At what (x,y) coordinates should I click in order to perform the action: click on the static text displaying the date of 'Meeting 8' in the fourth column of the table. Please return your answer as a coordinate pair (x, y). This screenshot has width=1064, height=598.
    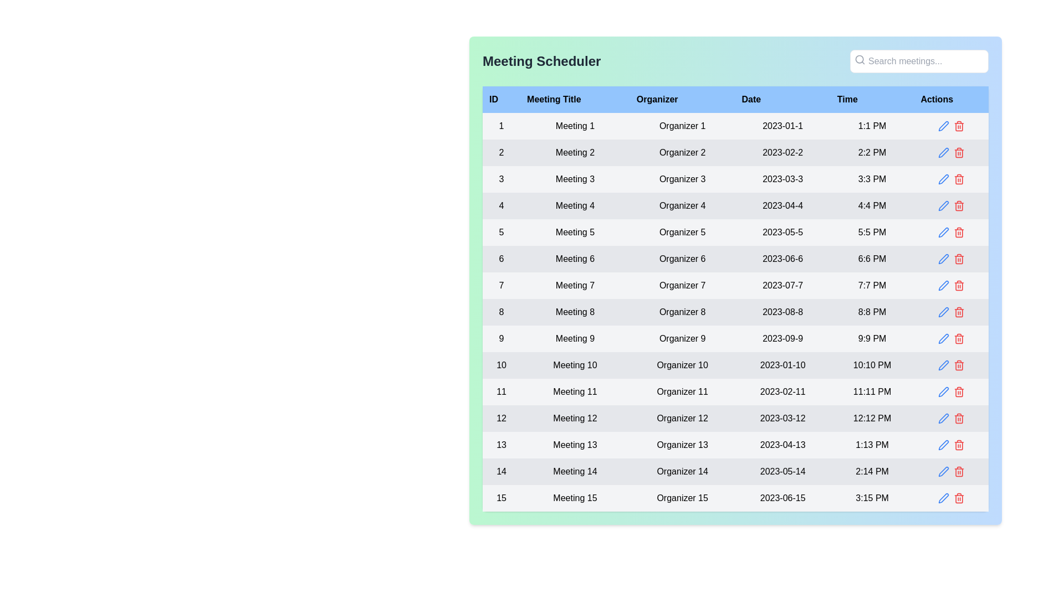
    Looking at the image, I should click on (782, 312).